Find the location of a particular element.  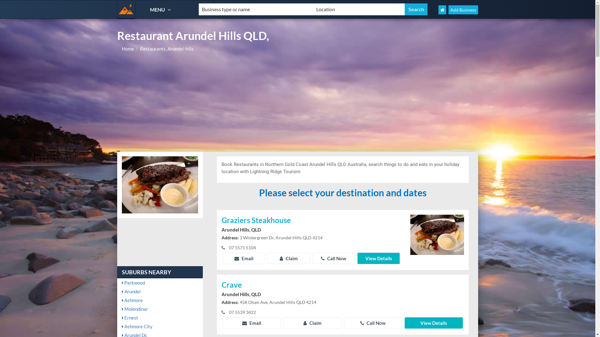

'Call Now' is located at coordinates (312, 258).